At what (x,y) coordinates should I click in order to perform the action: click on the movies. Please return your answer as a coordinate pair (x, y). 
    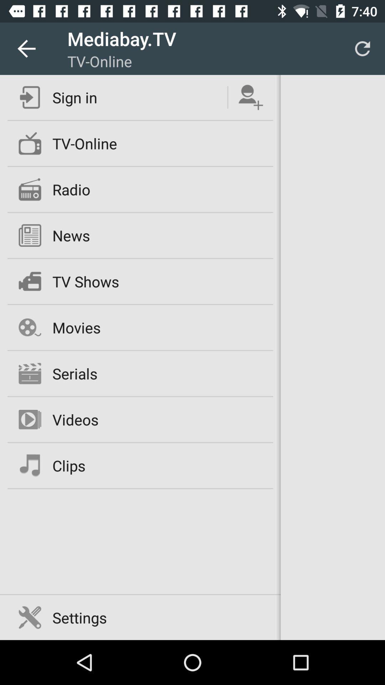
    Looking at the image, I should click on (76, 327).